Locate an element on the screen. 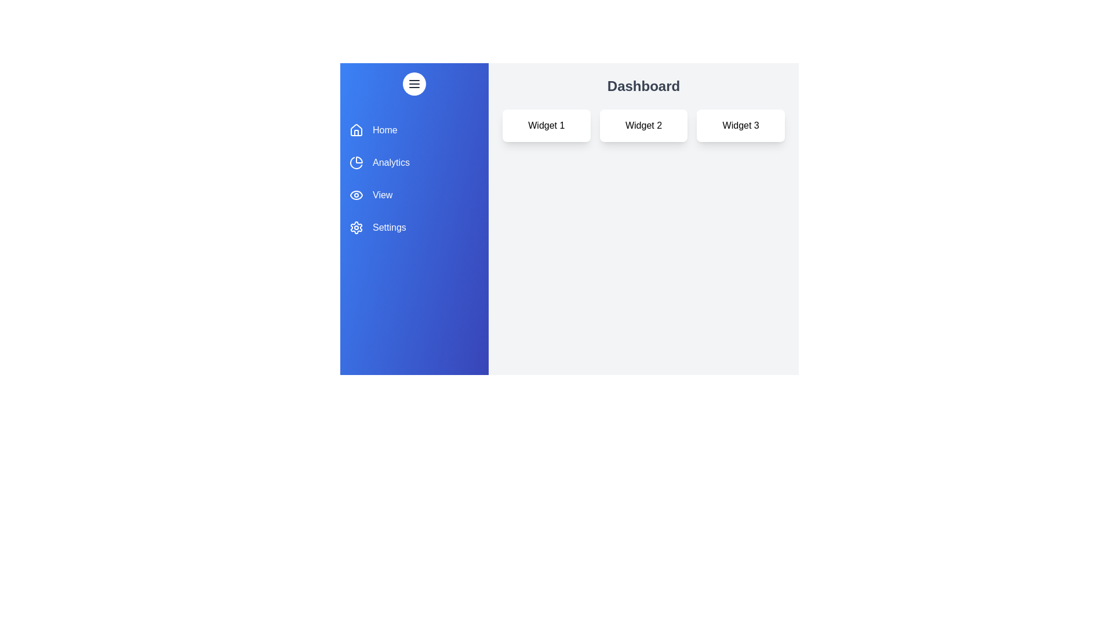 The height and width of the screenshot is (626, 1113). the View section from the drawer menu is located at coordinates (414, 194).